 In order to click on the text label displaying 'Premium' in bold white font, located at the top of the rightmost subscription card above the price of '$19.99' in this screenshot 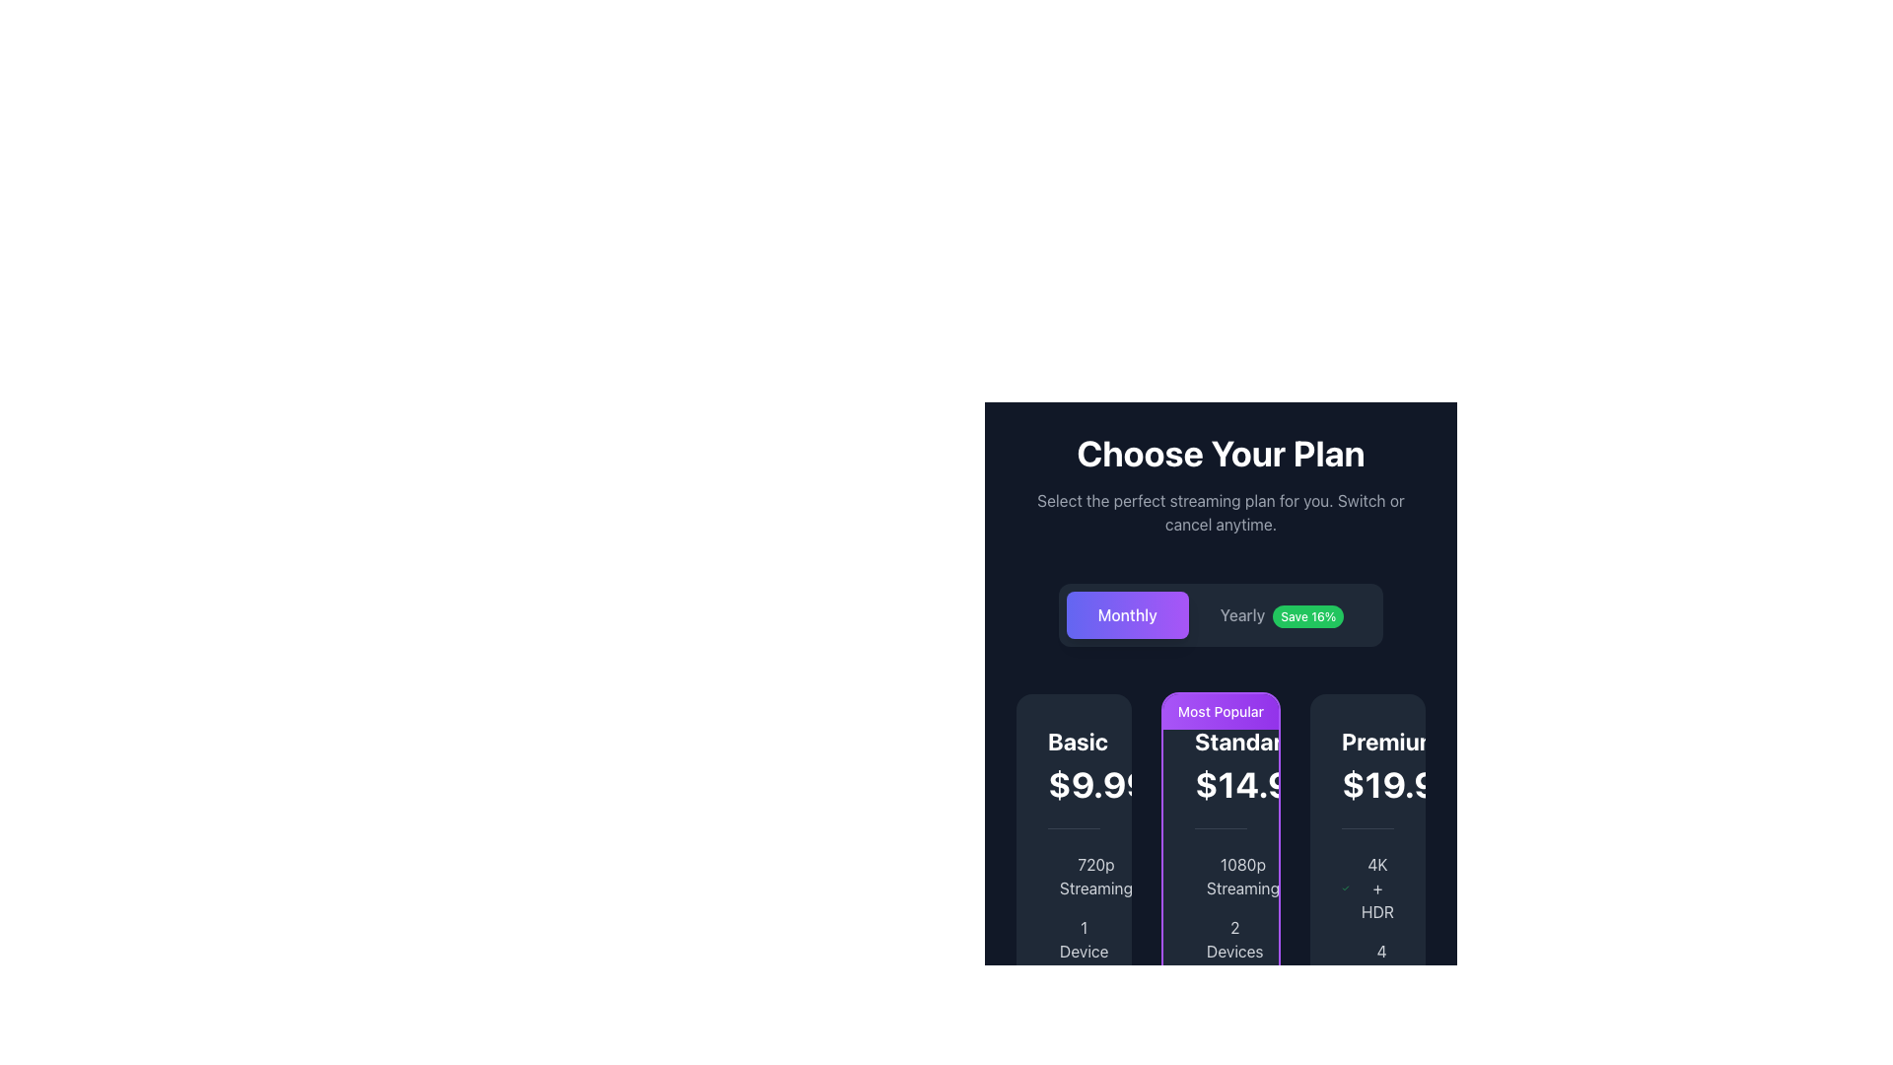, I will do `click(1367, 742)`.